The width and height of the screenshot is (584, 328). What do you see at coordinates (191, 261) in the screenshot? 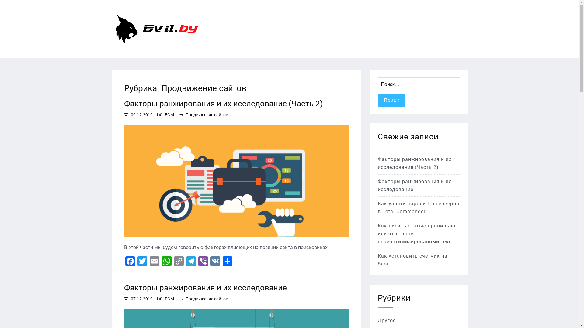
I see `'Telegram'` at bounding box center [191, 261].